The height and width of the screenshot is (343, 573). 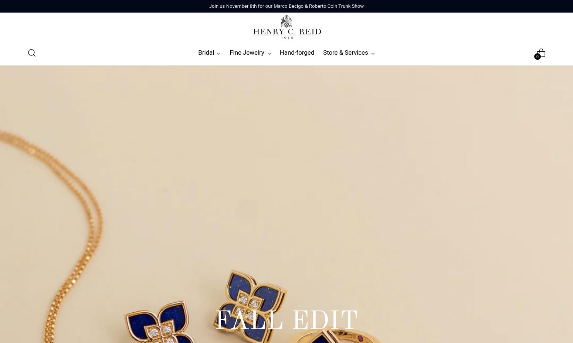 I want to click on 'Anne Sportun', so click(x=159, y=113).